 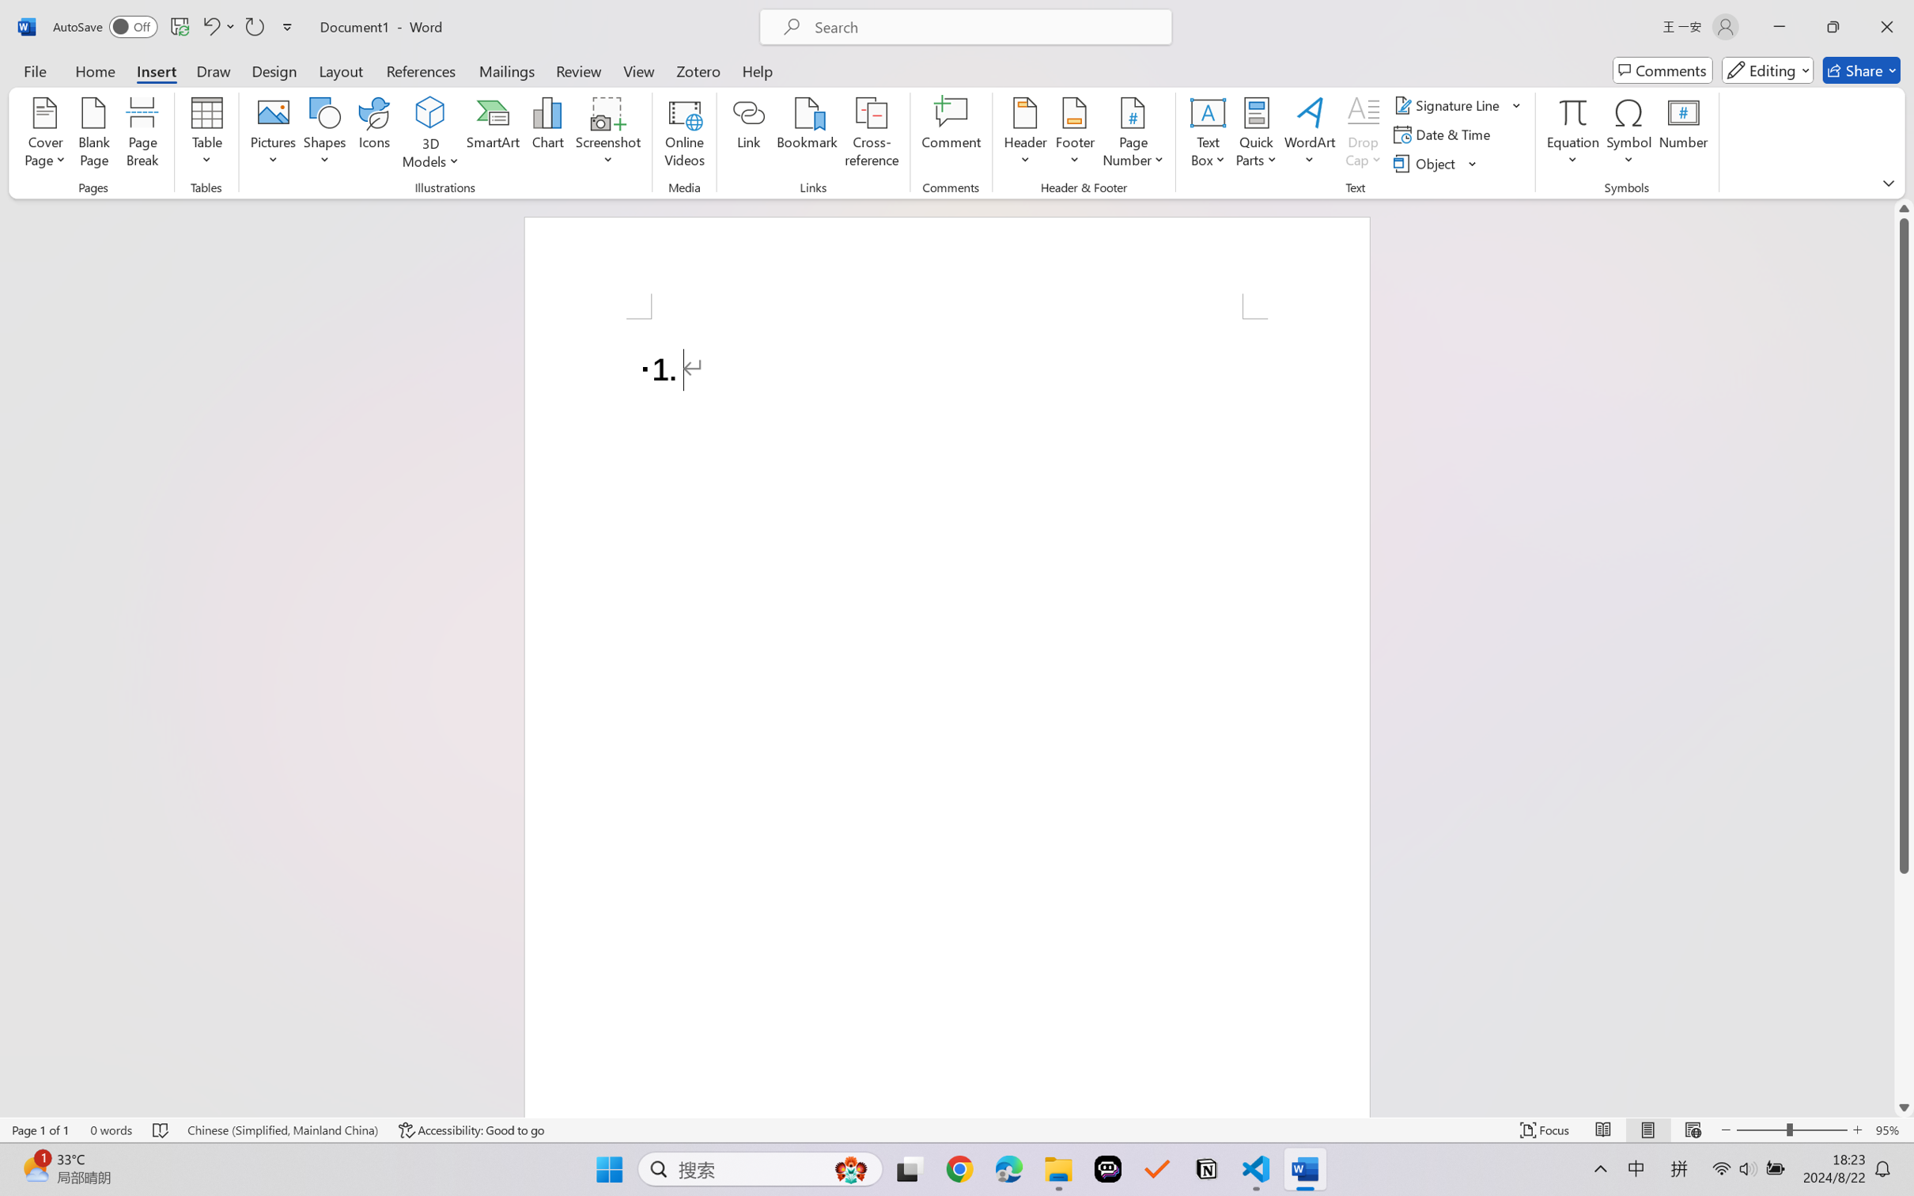 I want to click on 'Equation', so click(x=1572, y=134).